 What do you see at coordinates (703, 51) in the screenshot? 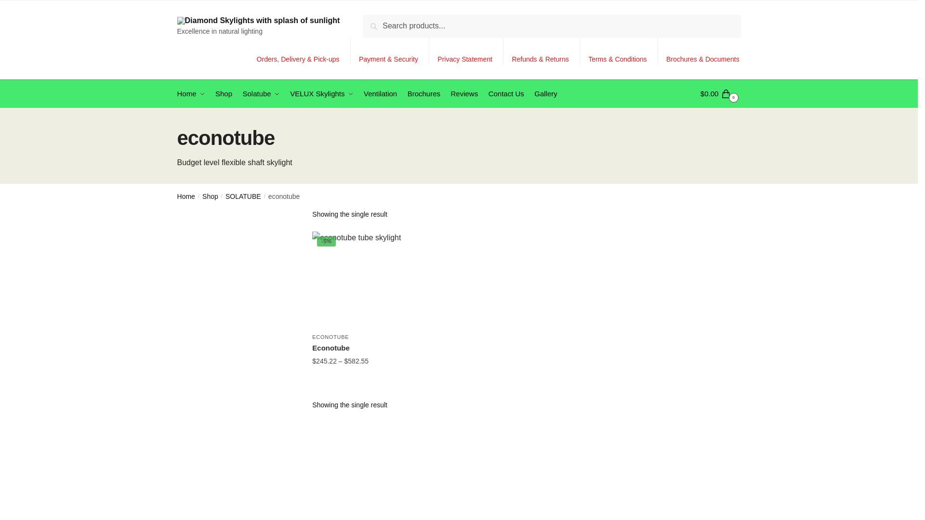
I see `'Brochures & Documents'` at bounding box center [703, 51].